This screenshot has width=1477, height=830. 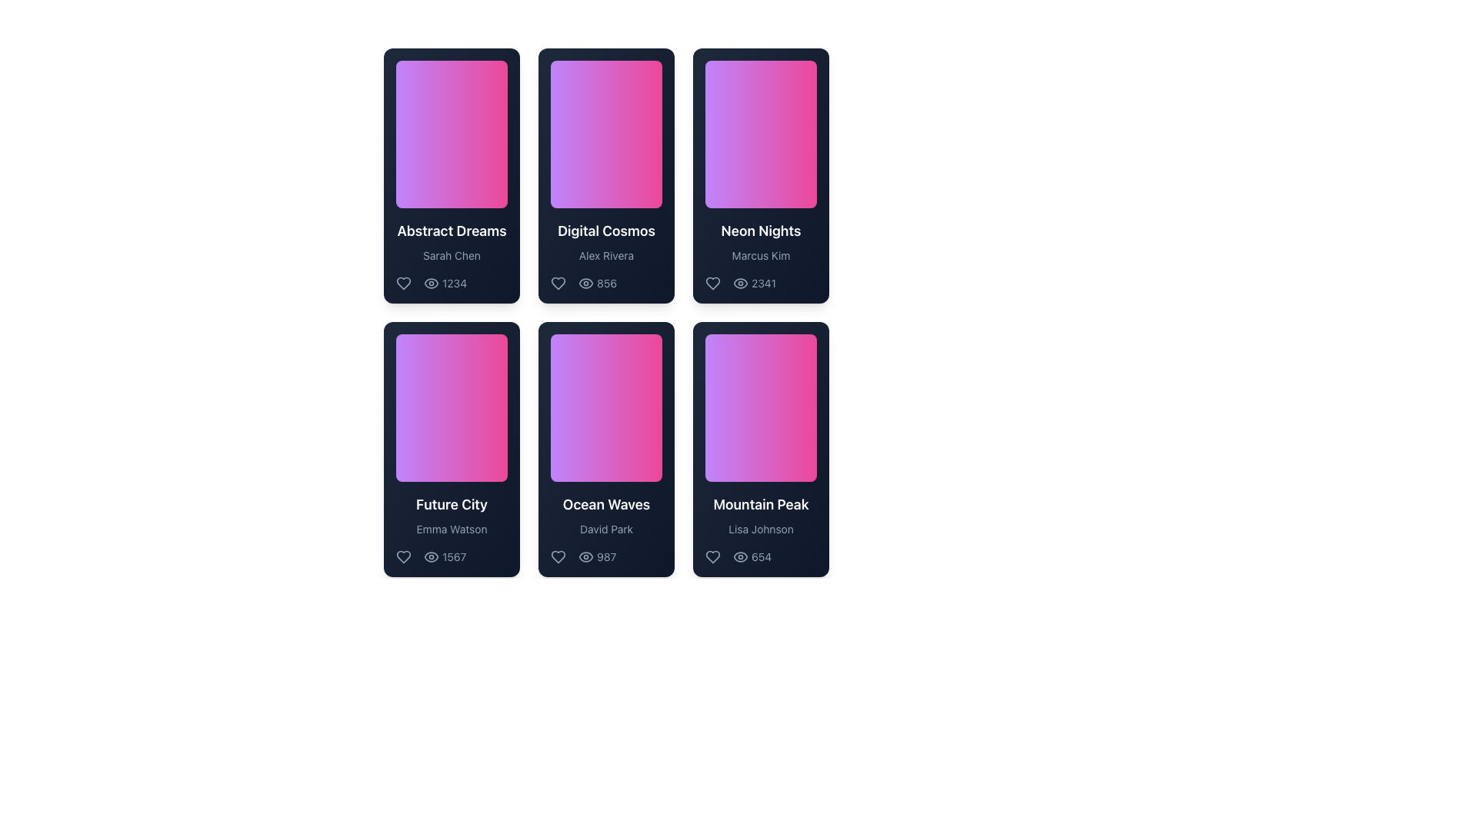 What do you see at coordinates (605, 133) in the screenshot?
I see `the decorative image or gradient block located in the upper row of the grid layout, specifically in the second card from the left, part of the 'Digital Cosmos' card by Alex Rivera` at bounding box center [605, 133].